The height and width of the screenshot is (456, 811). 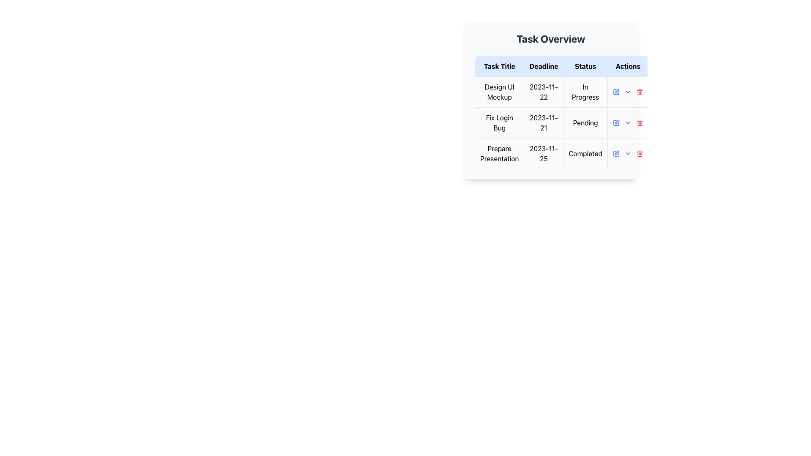 What do you see at coordinates (499, 153) in the screenshot?
I see `the text label displaying 'Prepare Presentation', which is the first column entry in the third row of the 'Task Overview' table` at bounding box center [499, 153].